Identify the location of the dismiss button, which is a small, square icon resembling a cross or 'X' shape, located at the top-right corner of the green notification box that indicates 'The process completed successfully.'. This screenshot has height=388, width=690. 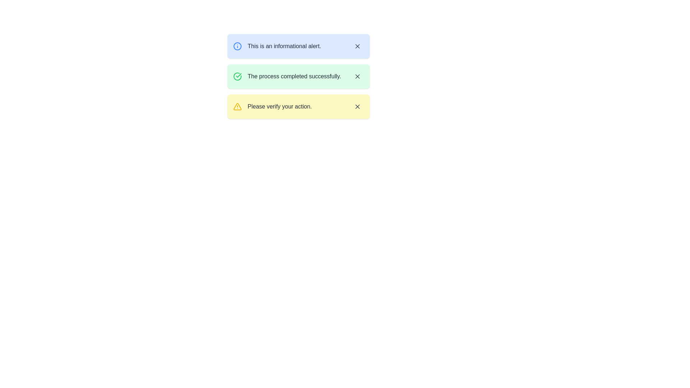
(357, 76).